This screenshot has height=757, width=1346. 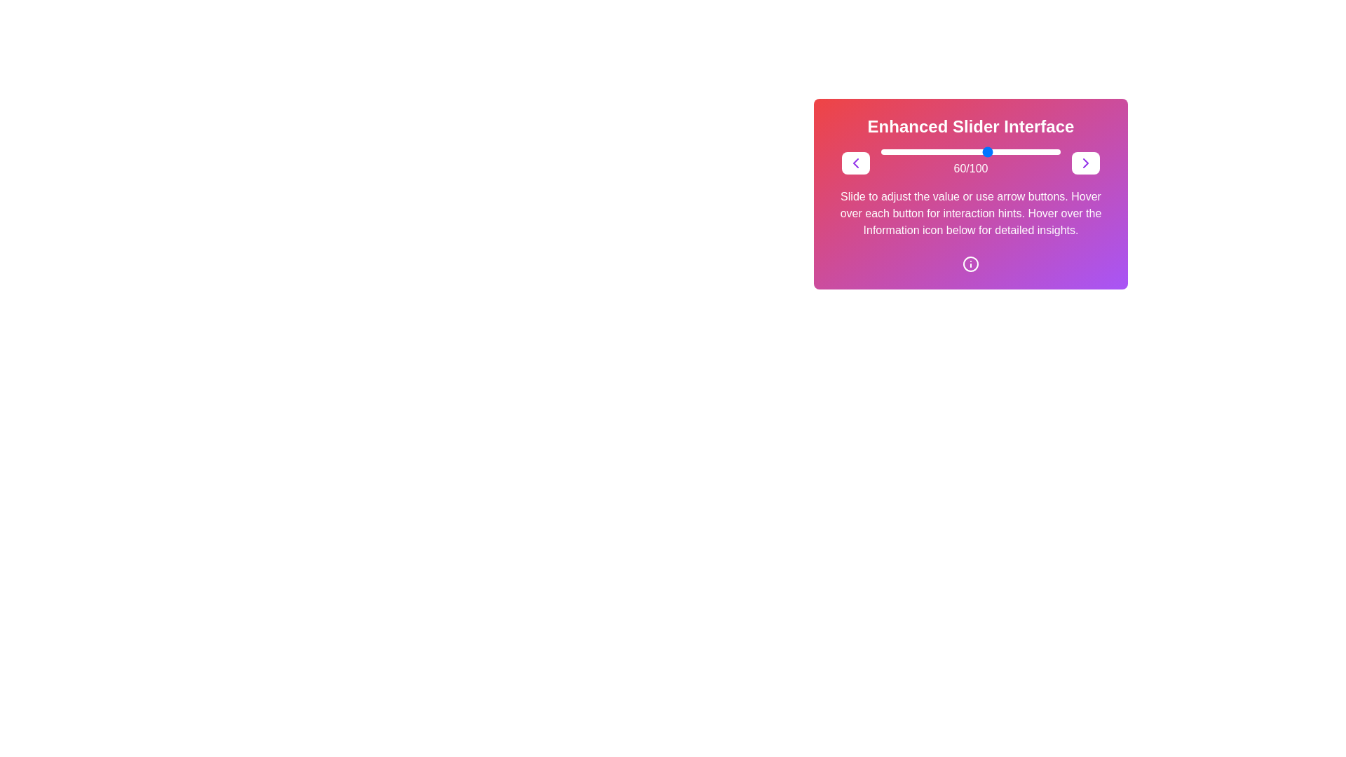 I want to click on the slider, so click(x=904, y=151).